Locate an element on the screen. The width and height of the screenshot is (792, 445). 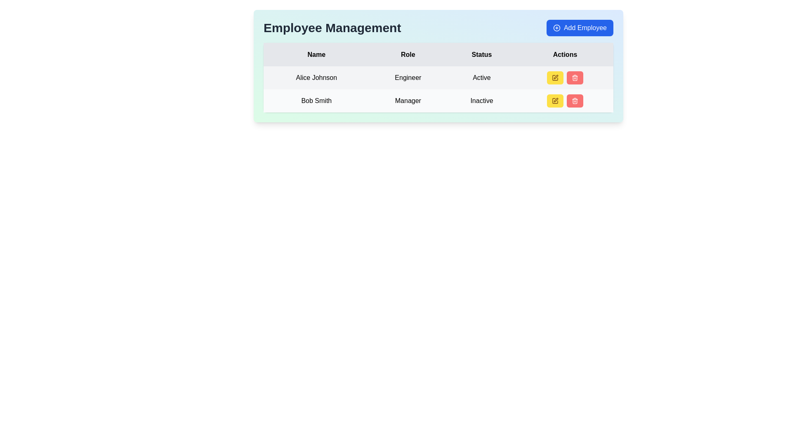
text content of the 'Inactive' status displayed in bold black for 'Bob Smith' in the Status column of the table is located at coordinates (481, 101).